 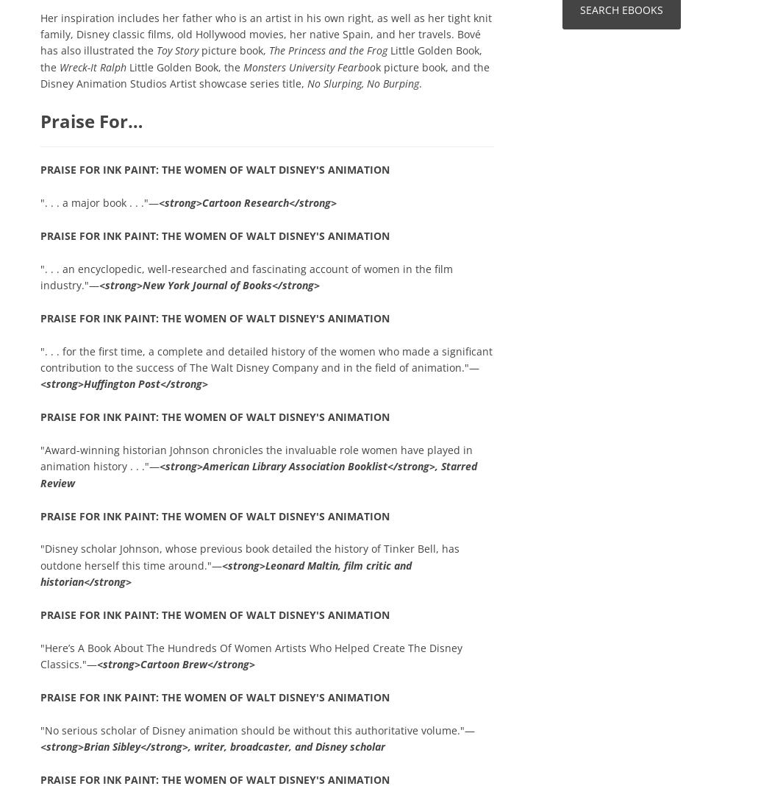 I want to click on '<strong>Leonard Maltin, film critic and historian</strong>', so click(x=226, y=573).